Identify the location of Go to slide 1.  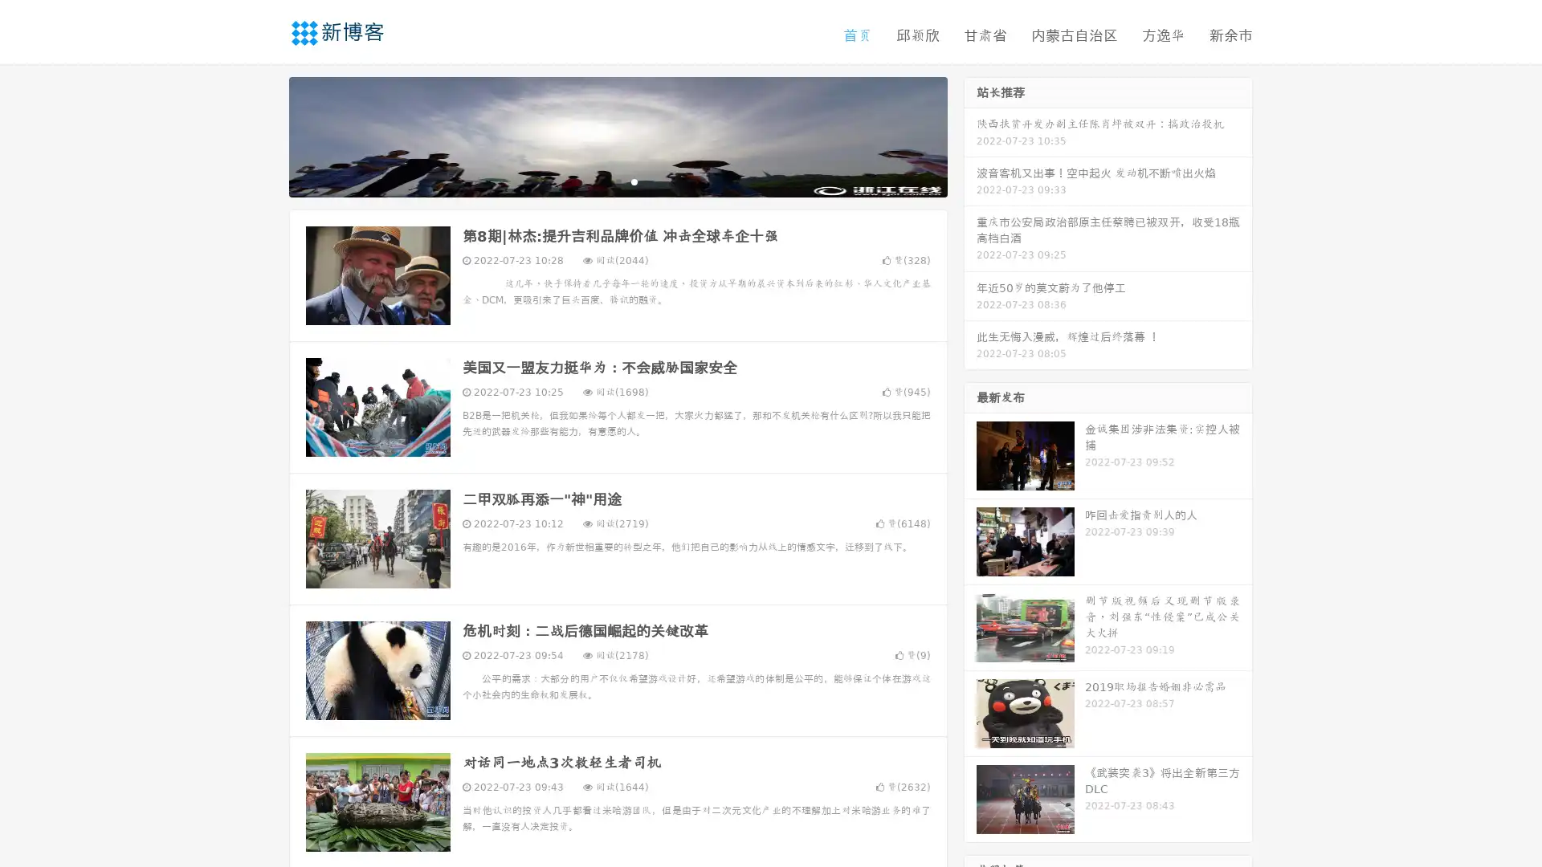
(601, 181).